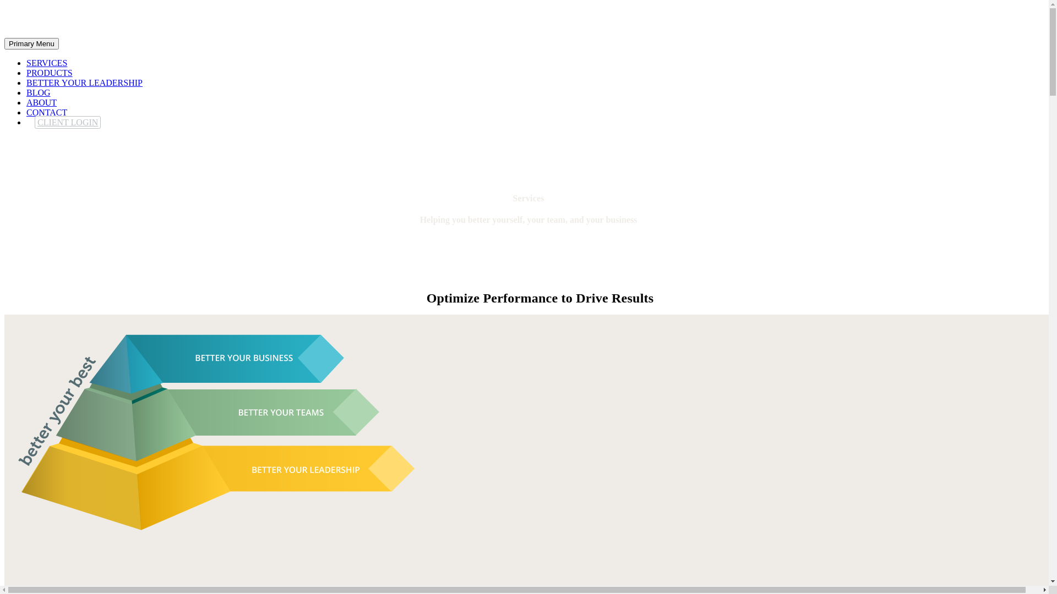  I want to click on 'Primary Menu', so click(31, 43).